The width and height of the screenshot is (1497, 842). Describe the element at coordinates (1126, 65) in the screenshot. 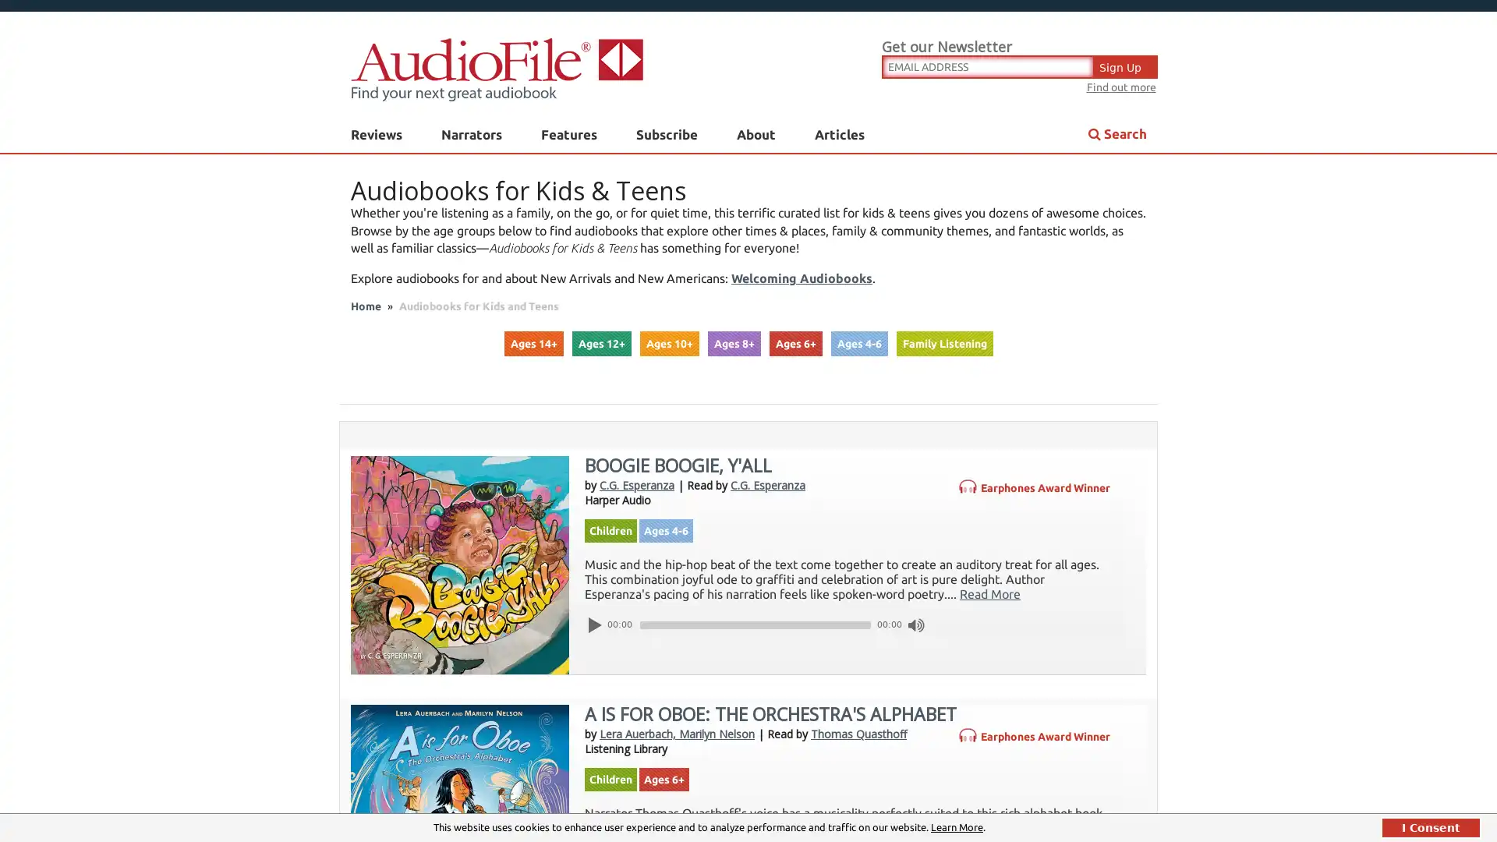

I see `Sign Up` at that location.